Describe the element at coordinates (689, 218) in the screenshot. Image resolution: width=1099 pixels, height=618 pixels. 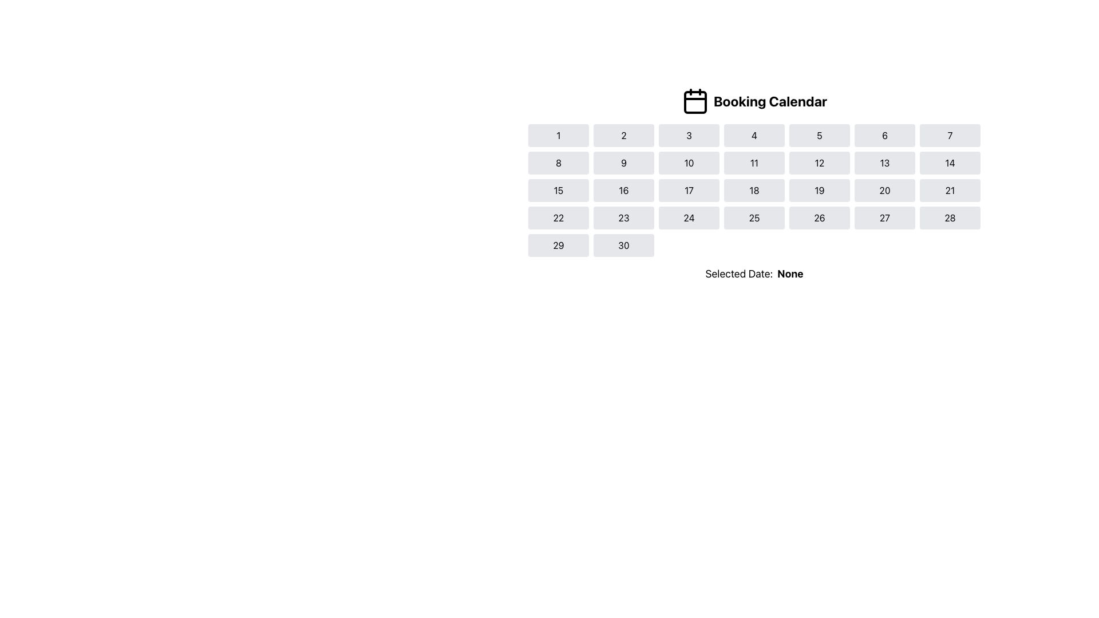
I see `the button displaying the number '24' in the center of the Booking Calendar` at that location.